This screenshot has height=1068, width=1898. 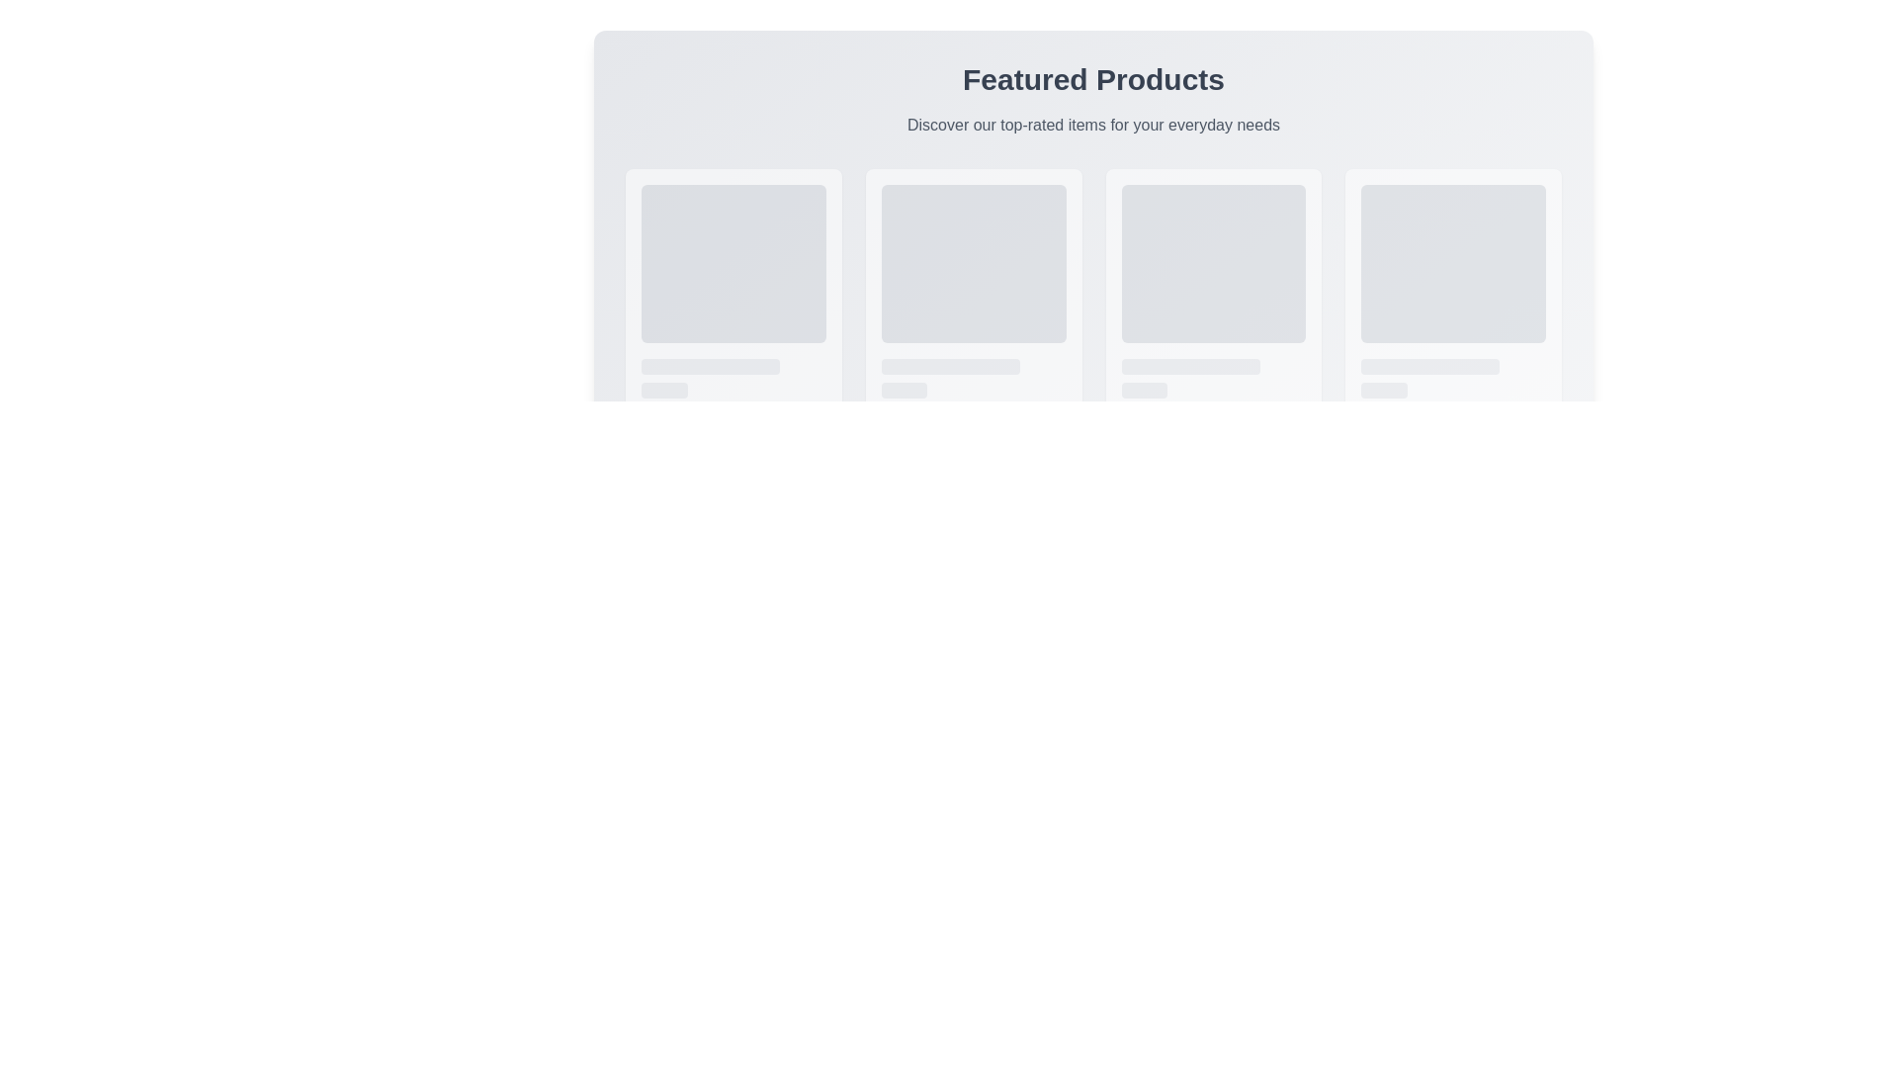 What do you see at coordinates (1383, 390) in the screenshot?
I see `the horizontal light gray bar with rounded ends, which serves as a graphical placeholder or progress indicator, located at the bottom of a section containing graphical elements` at bounding box center [1383, 390].